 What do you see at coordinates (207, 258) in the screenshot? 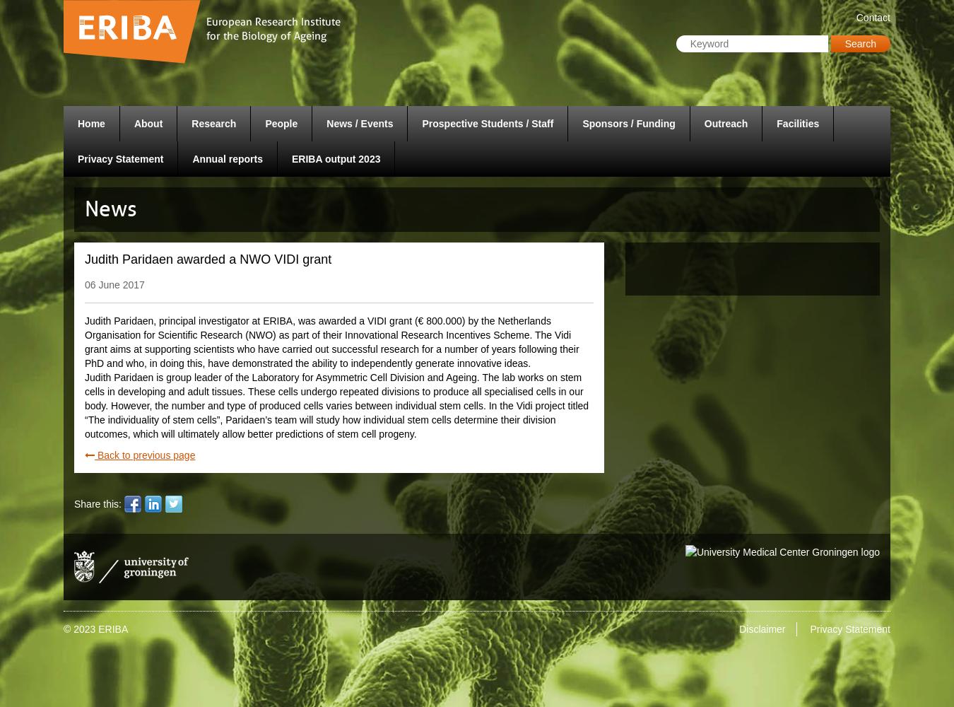
I see `'Judith Paridaen awarded a NWO VIDI grant'` at bounding box center [207, 258].